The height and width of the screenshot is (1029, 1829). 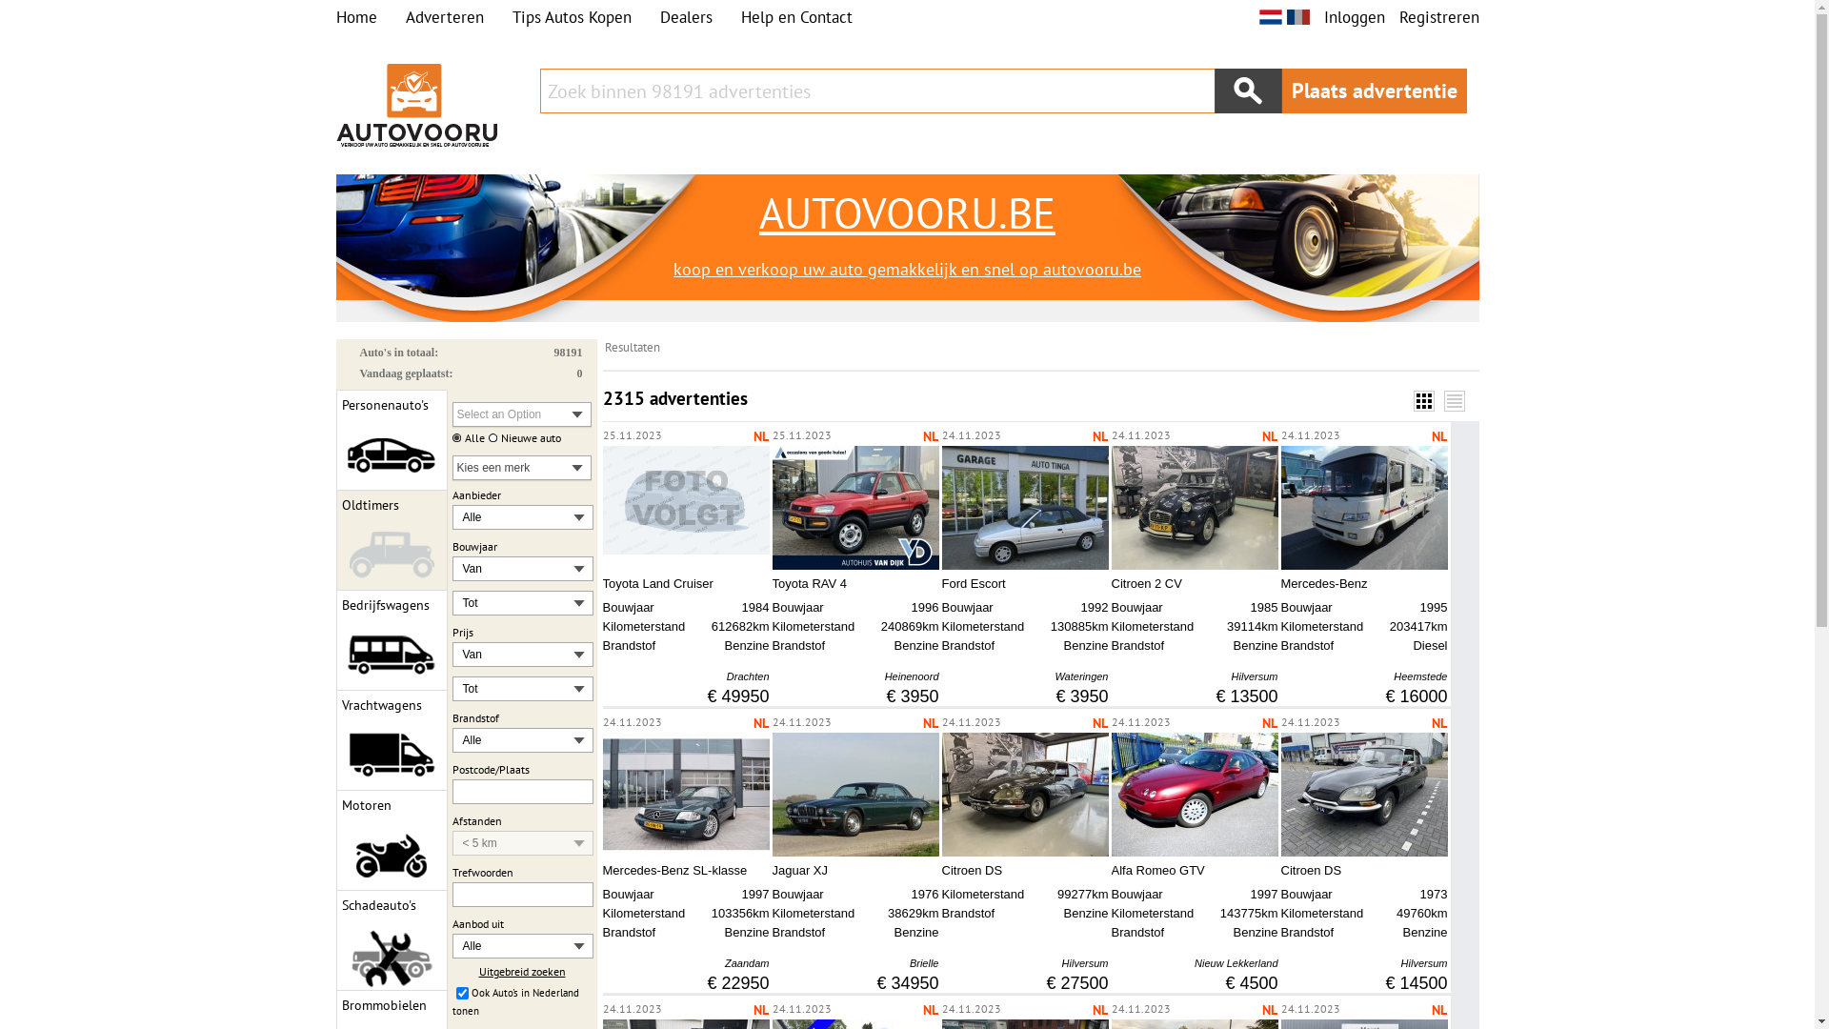 What do you see at coordinates (390, 939) in the screenshot?
I see `'Schadeauto's'` at bounding box center [390, 939].